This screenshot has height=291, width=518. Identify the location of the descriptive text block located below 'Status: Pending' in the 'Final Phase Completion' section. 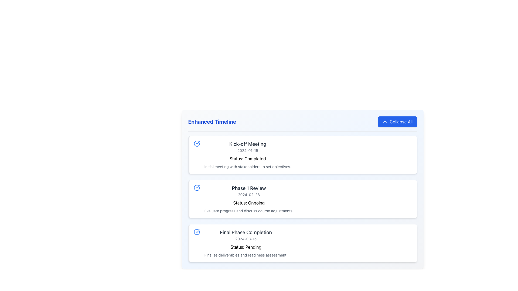
(246, 255).